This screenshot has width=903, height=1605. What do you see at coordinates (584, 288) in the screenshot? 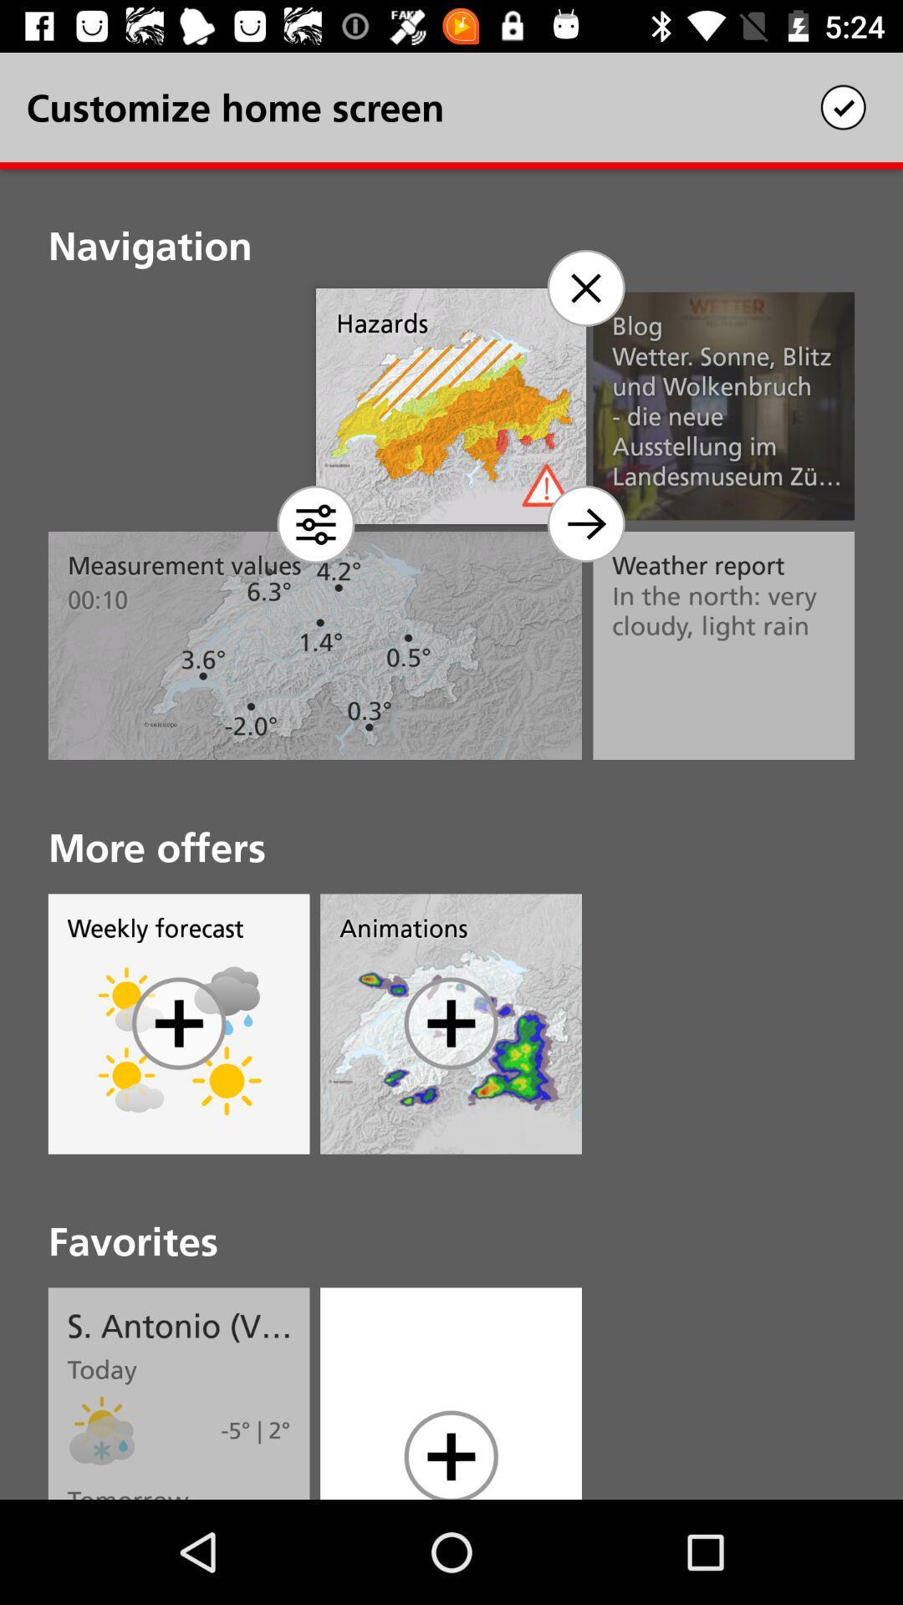
I see `the close icon` at bounding box center [584, 288].